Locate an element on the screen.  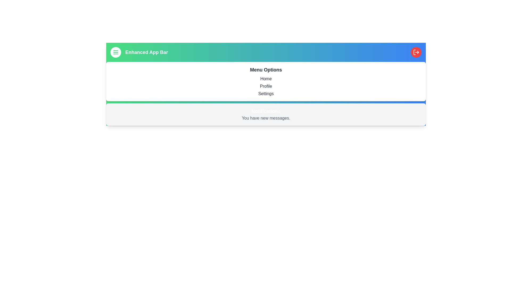
the logout button located at the top-right corner of the component is located at coordinates (416, 52).